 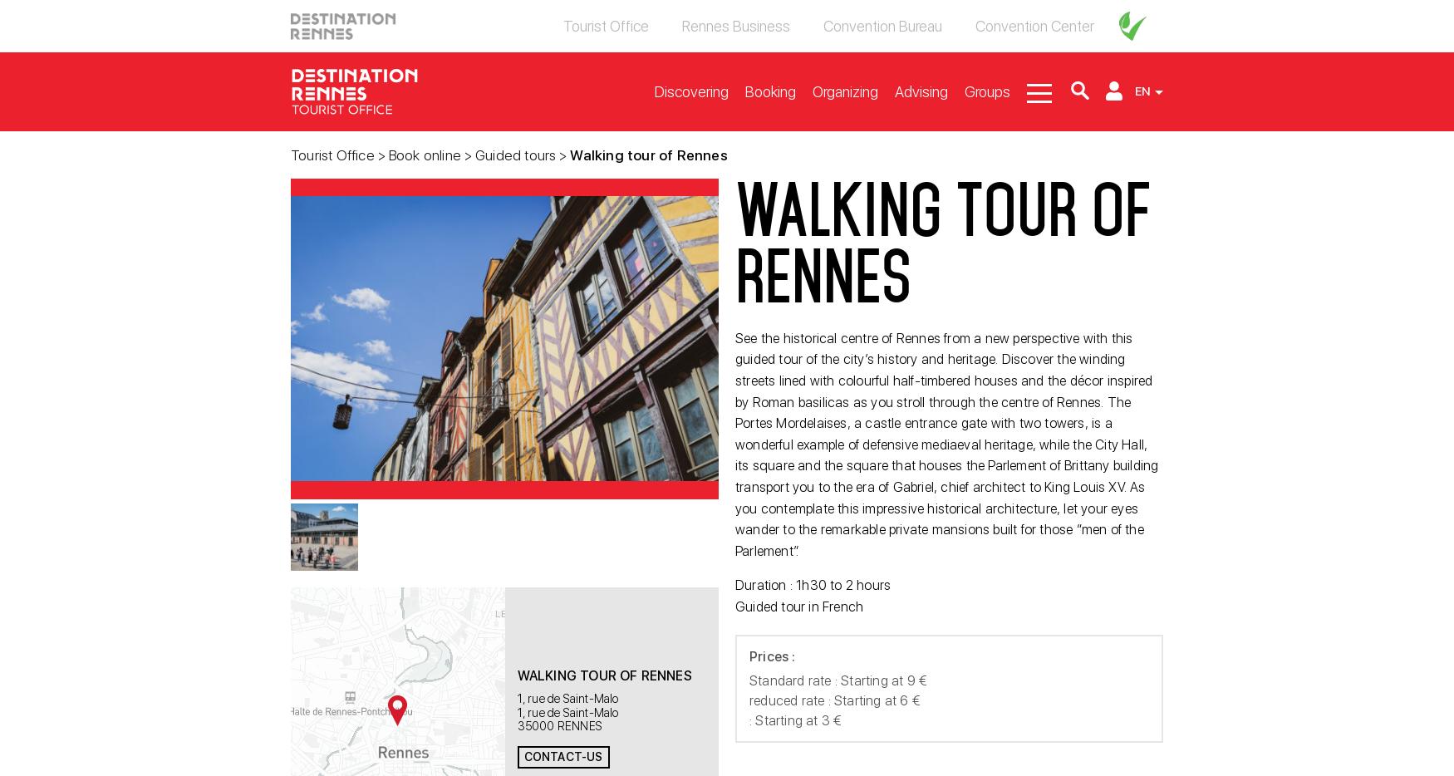 What do you see at coordinates (946, 444) in the screenshot?
I see `'See the historical centre of Rennes from a new perspective with this guided tour of the city’s history and heritage. Discover the winding streets lined with colourful half-timbered houses and the décor inspired by Roman basilicas as you stroll through the centre of Rennes. The Portes Mordelaises, a castle entrance gate with two towers, is a wonderful example of defensive mediaeval heritage, while the City Hall, its square and the square that houses the Parlement of Brittany building transport you to the era of Gabriel, chief architect to King Louis XV. As you contemplate this impressive historical architecture, let your eyes wander to the remarkable private mansions built for those “men of the Parlement”.'` at bounding box center [946, 444].